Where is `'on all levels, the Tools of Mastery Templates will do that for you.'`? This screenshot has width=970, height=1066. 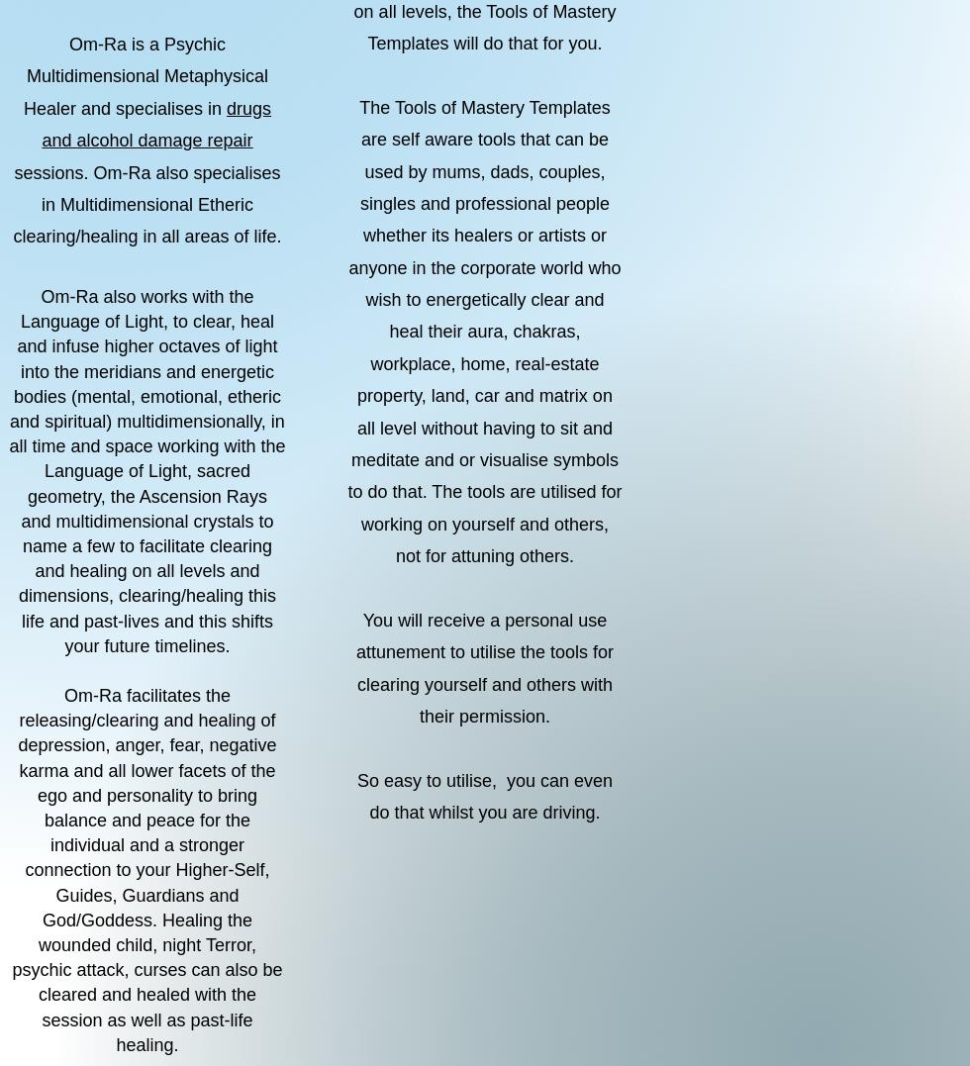 'on all levels, the Tools of Mastery Templates will do that for you.' is located at coordinates (484, 26).